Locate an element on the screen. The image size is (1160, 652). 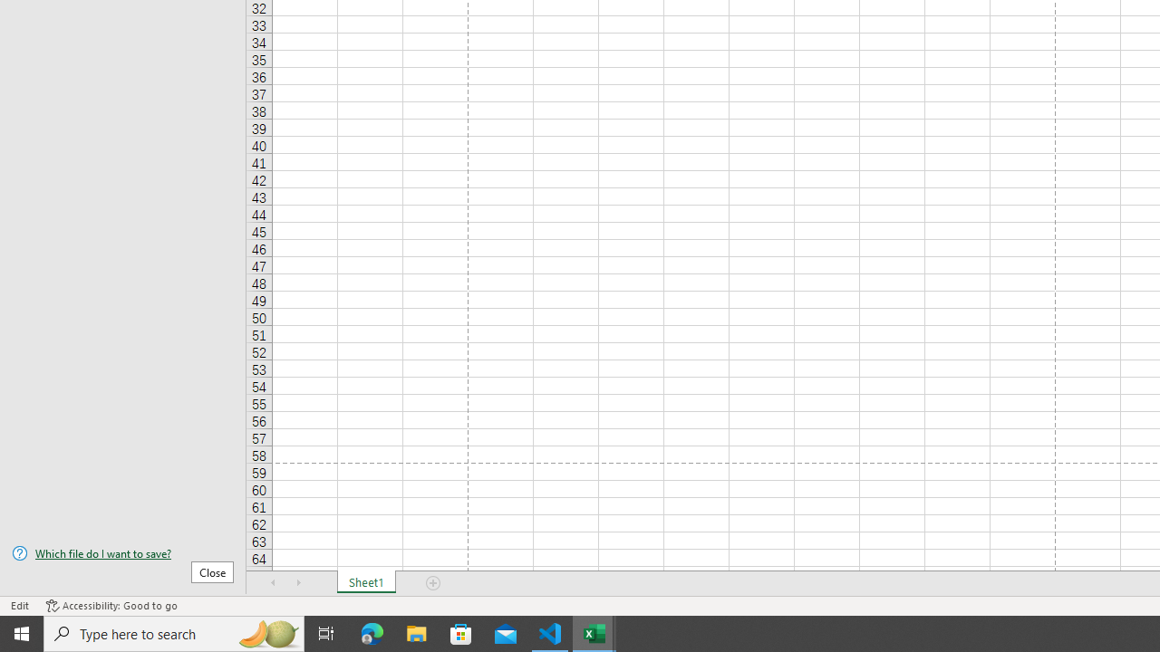
'Task View' is located at coordinates (325, 632).